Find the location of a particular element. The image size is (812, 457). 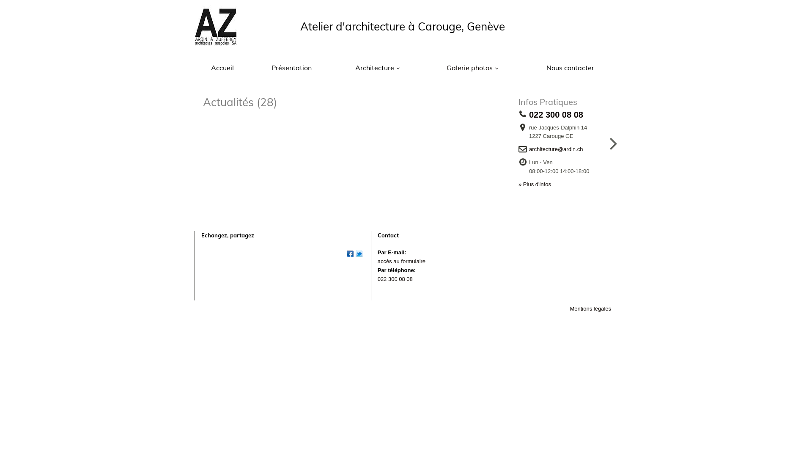

'Galerie photos' is located at coordinates (472, 67).